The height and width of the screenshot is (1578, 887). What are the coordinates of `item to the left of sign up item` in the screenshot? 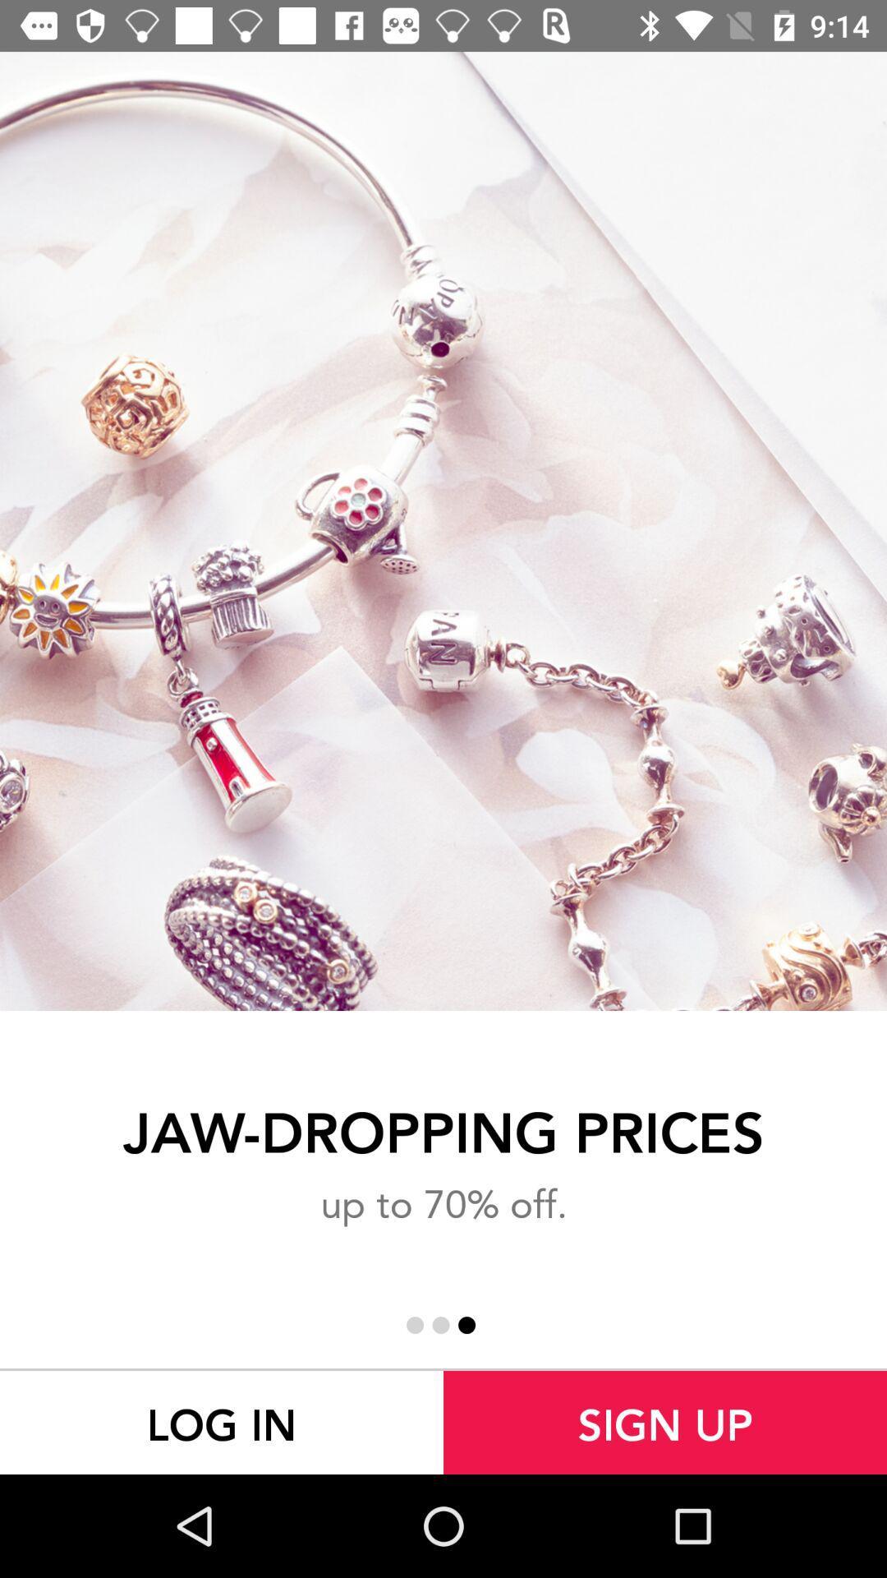 It's located at (222, 1422).